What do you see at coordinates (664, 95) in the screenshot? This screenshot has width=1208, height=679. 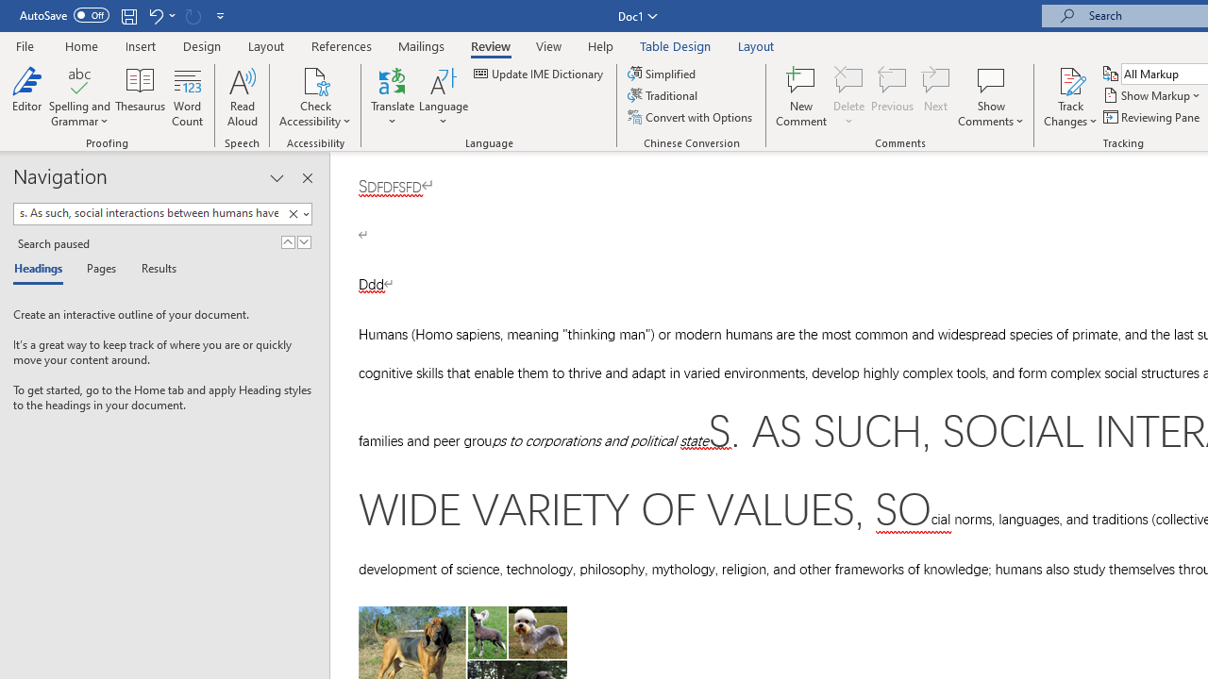 I see `'Traditional'` at bounding box center [664, 95].